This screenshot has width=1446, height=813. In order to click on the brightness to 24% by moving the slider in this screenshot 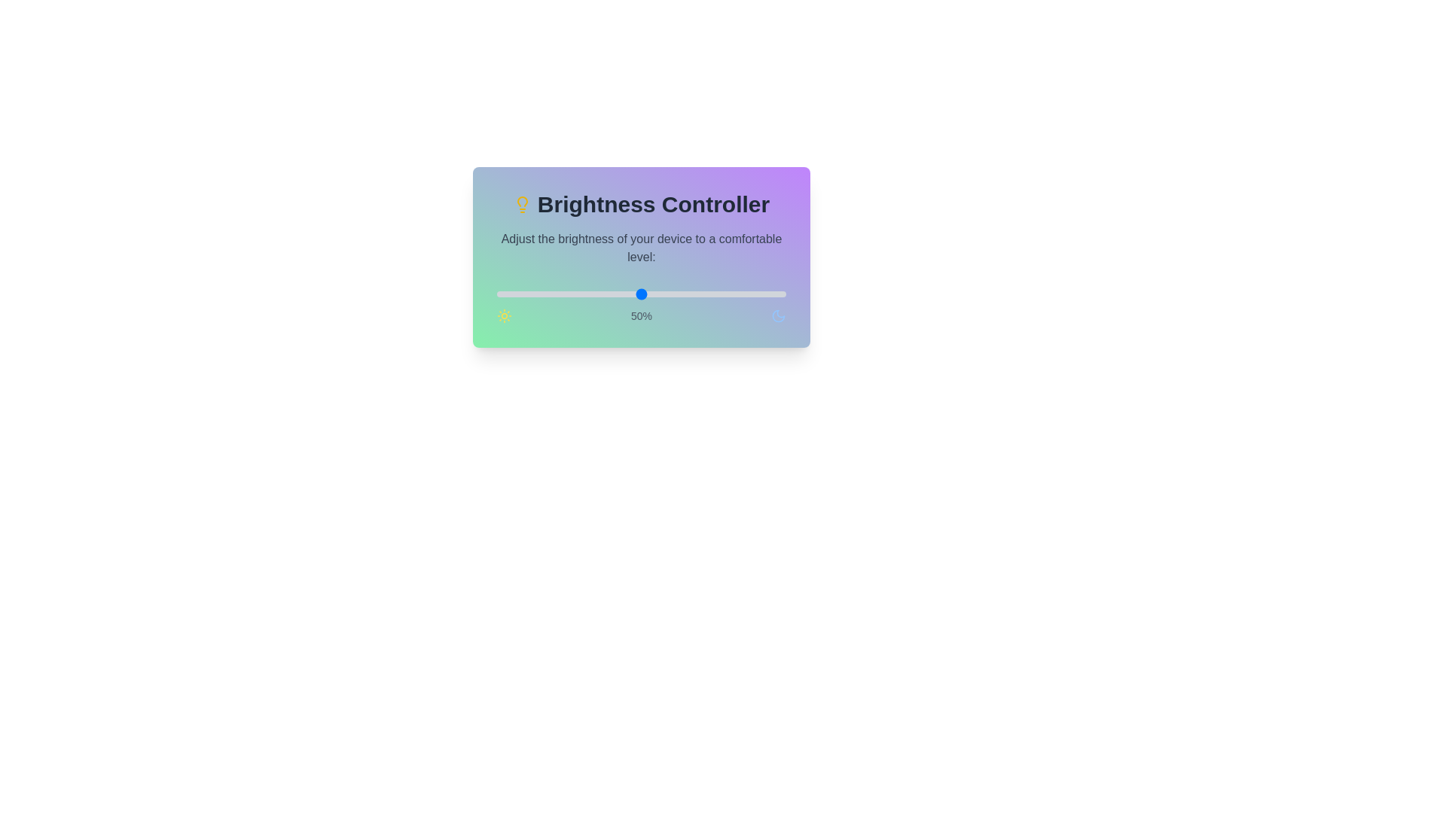, I will do `click(566, 294)`.